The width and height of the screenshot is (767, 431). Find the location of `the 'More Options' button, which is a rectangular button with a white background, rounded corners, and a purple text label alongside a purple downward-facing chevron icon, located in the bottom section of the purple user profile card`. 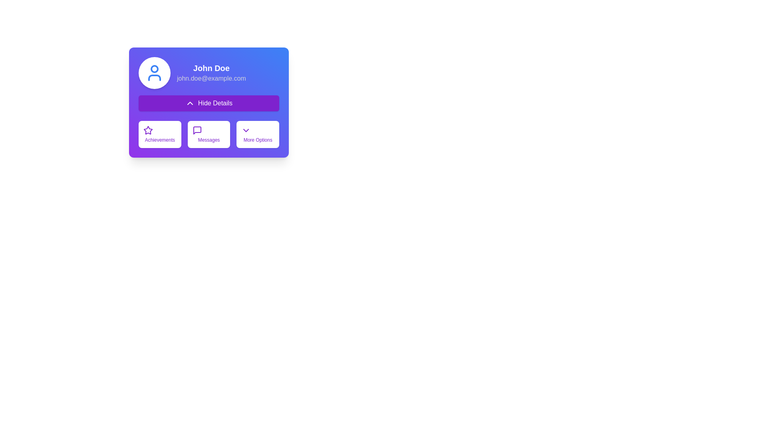

the 'More Options' button, which is a rectangular button with a white background, rounded corners, and a purple text label alongside a purple downward-facing chevron icon, located in the bottom section of the purple user profile card is located at coordinates (258, 134).